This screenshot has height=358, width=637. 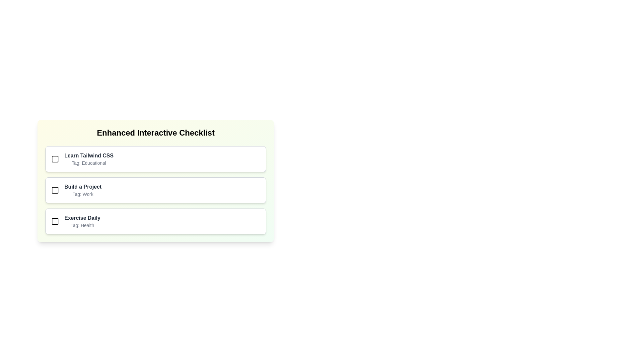 I want to click on the text label element that displays 'Tag: Work', which is styled in light gray and is positioned directly below 'Build a Project' in the checklist section, so click(x=82, y=194).